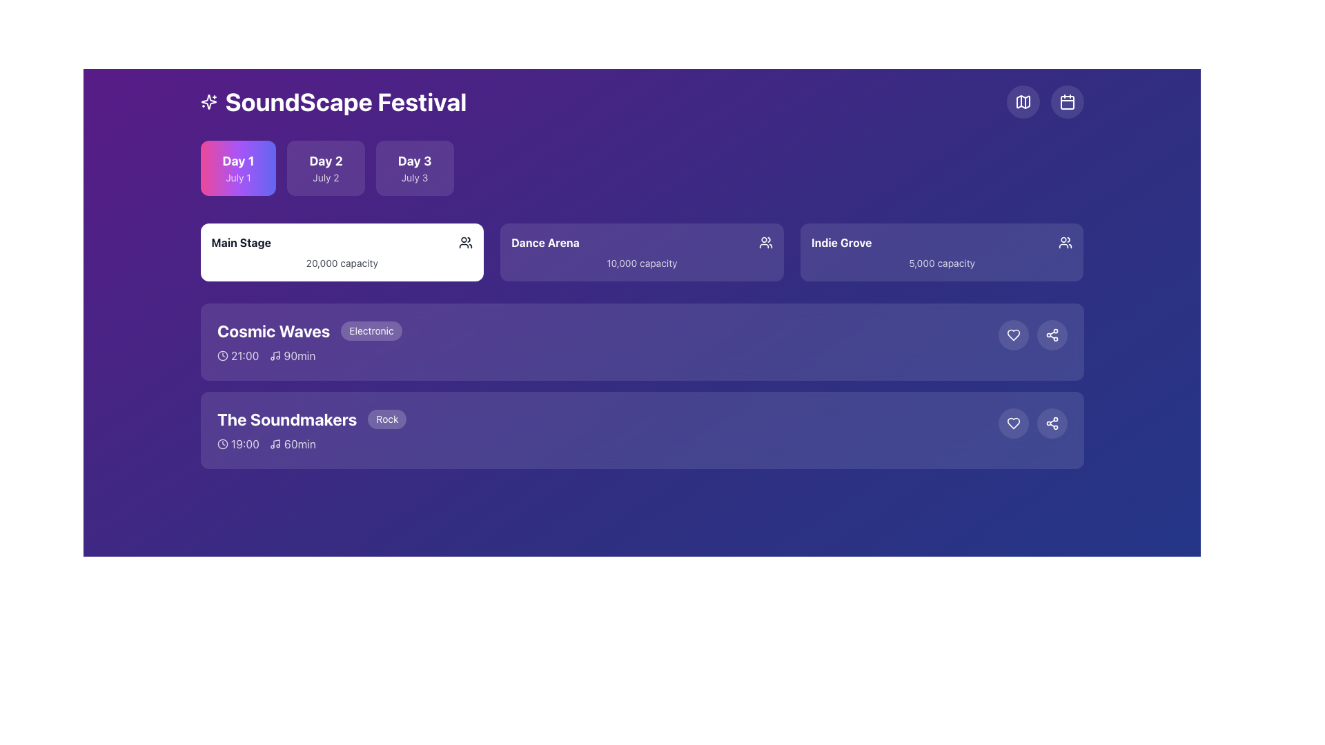 The image size is (1325, 745). Describe the element at coordinates (414, 177) in the screenshot. I see `text displayed as 'July 3' located in the second line of the rectangular card labeled 'Day 3.'` at that location.